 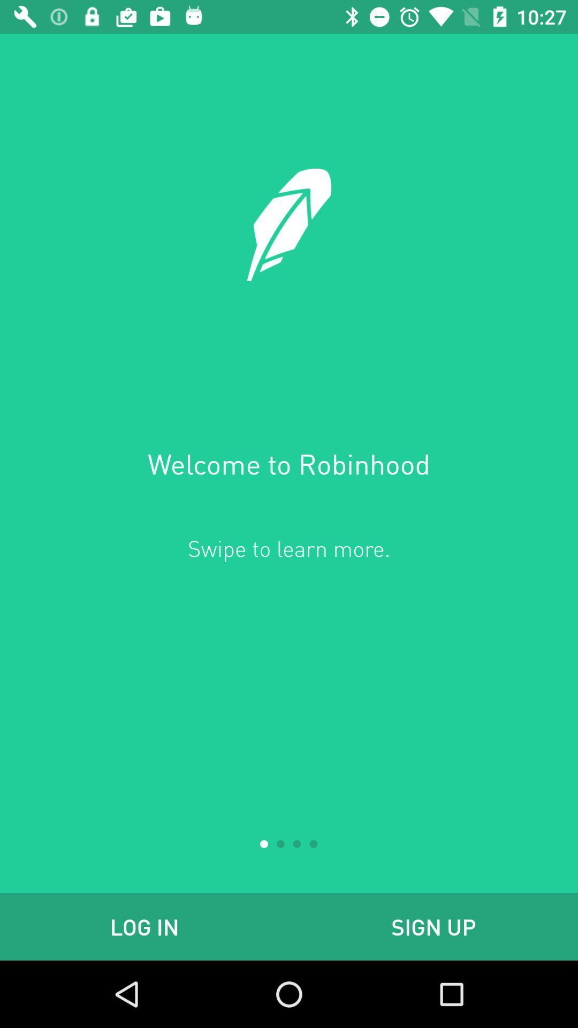 I want to click on icon next to the log in icon, so click(x=433, y=926).